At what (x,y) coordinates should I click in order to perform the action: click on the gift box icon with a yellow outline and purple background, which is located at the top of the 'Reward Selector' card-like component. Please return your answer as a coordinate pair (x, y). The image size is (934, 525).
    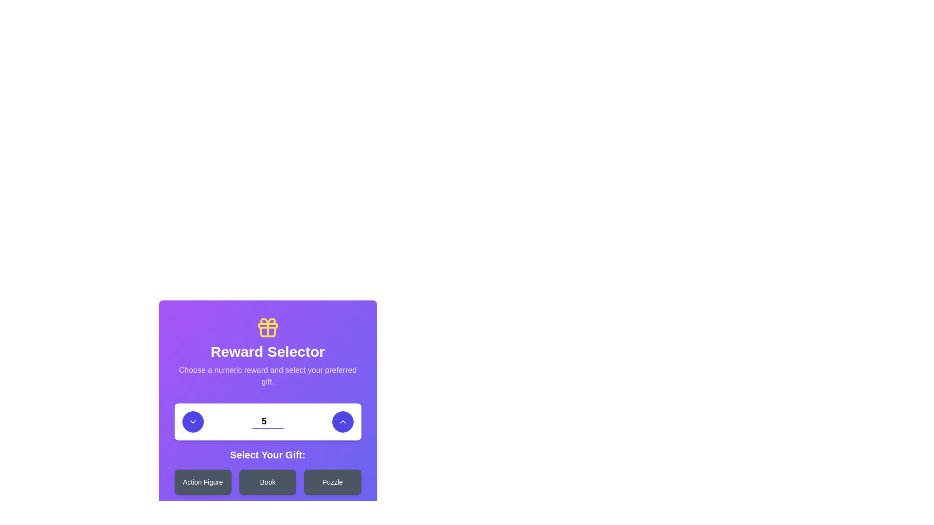
    Looking at the image, I should click on (268, 328).